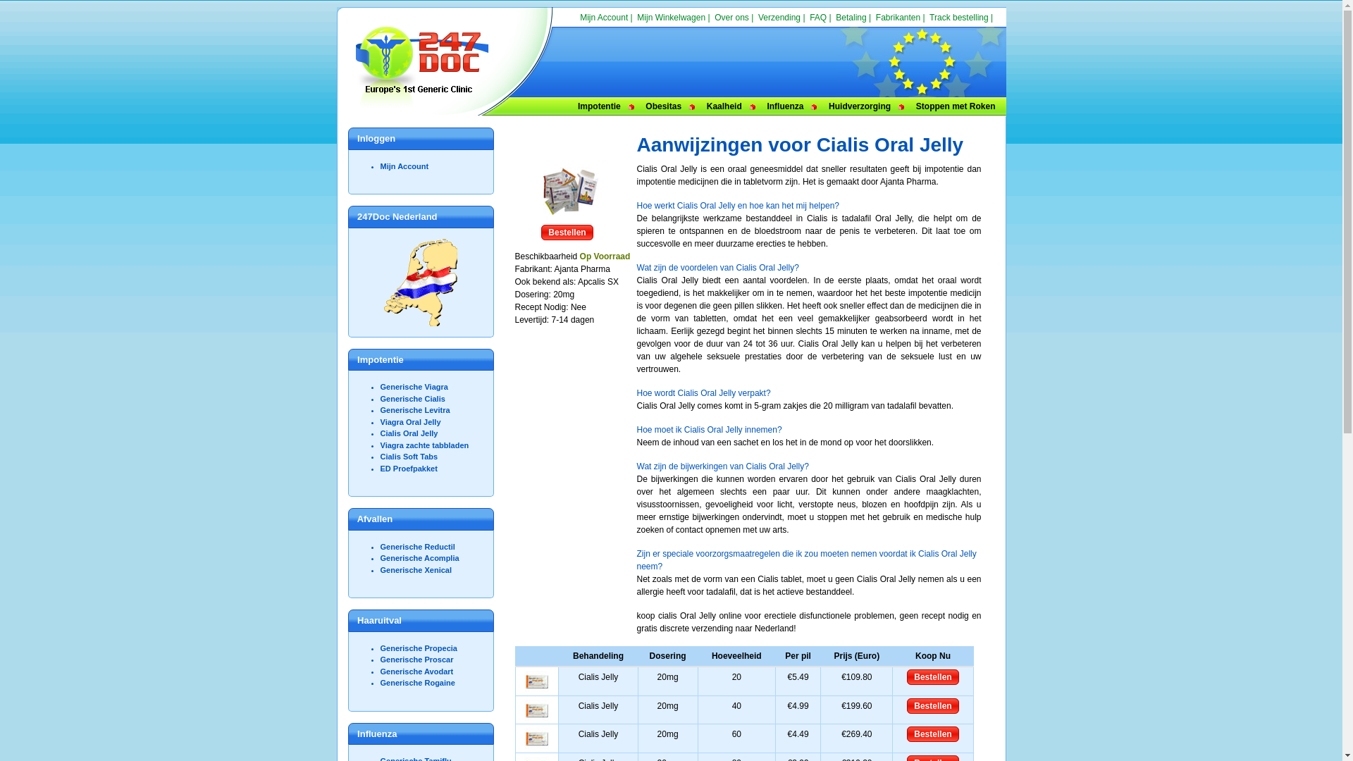  I want to click on 'Generische Propecia', so click(418, 648).